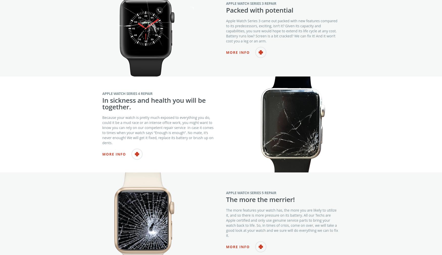 The height and width of the screenshot is (255, 442). I want to click on 'Apple Watch Series 5 Repair', so click(251, 202).